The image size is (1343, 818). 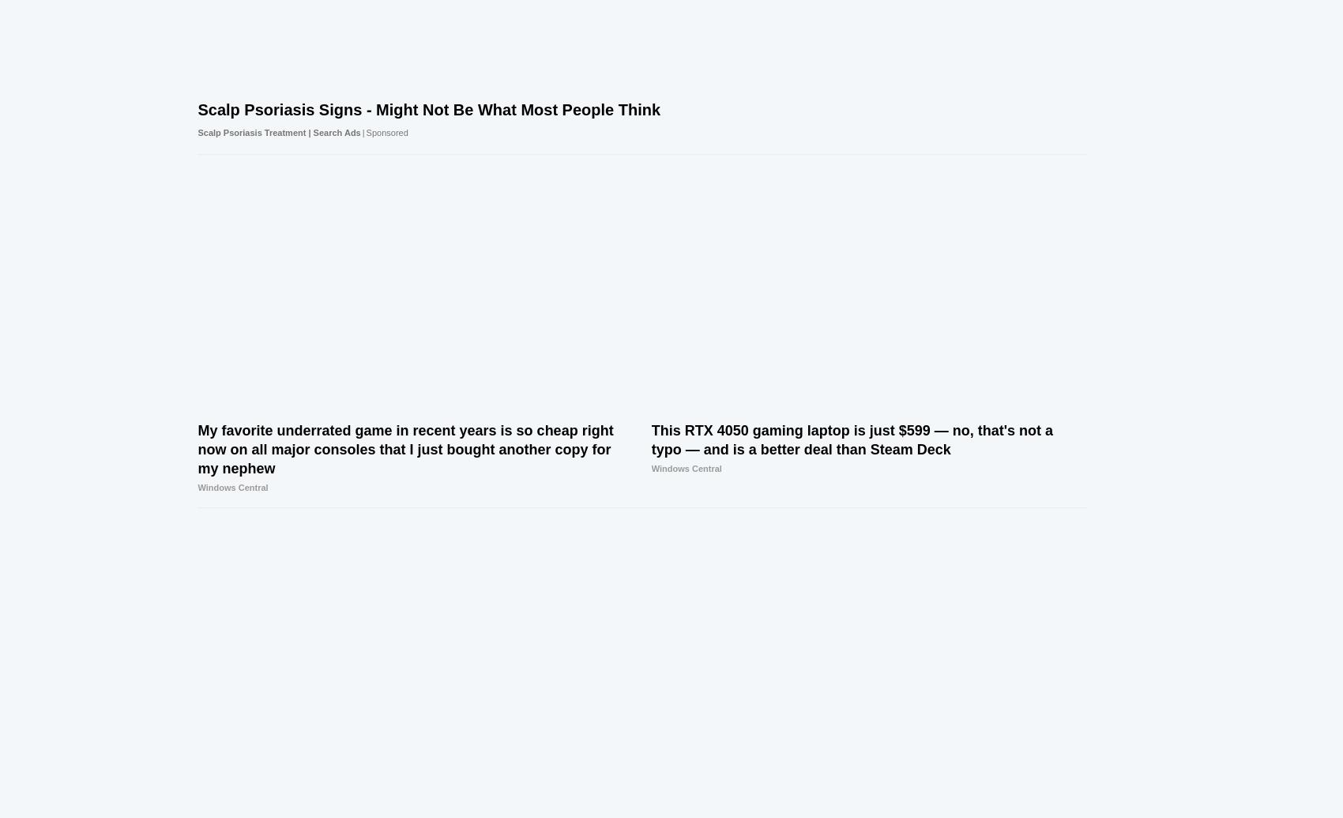 I want to click on 'Windows Central', so click(x=1148, y=733).